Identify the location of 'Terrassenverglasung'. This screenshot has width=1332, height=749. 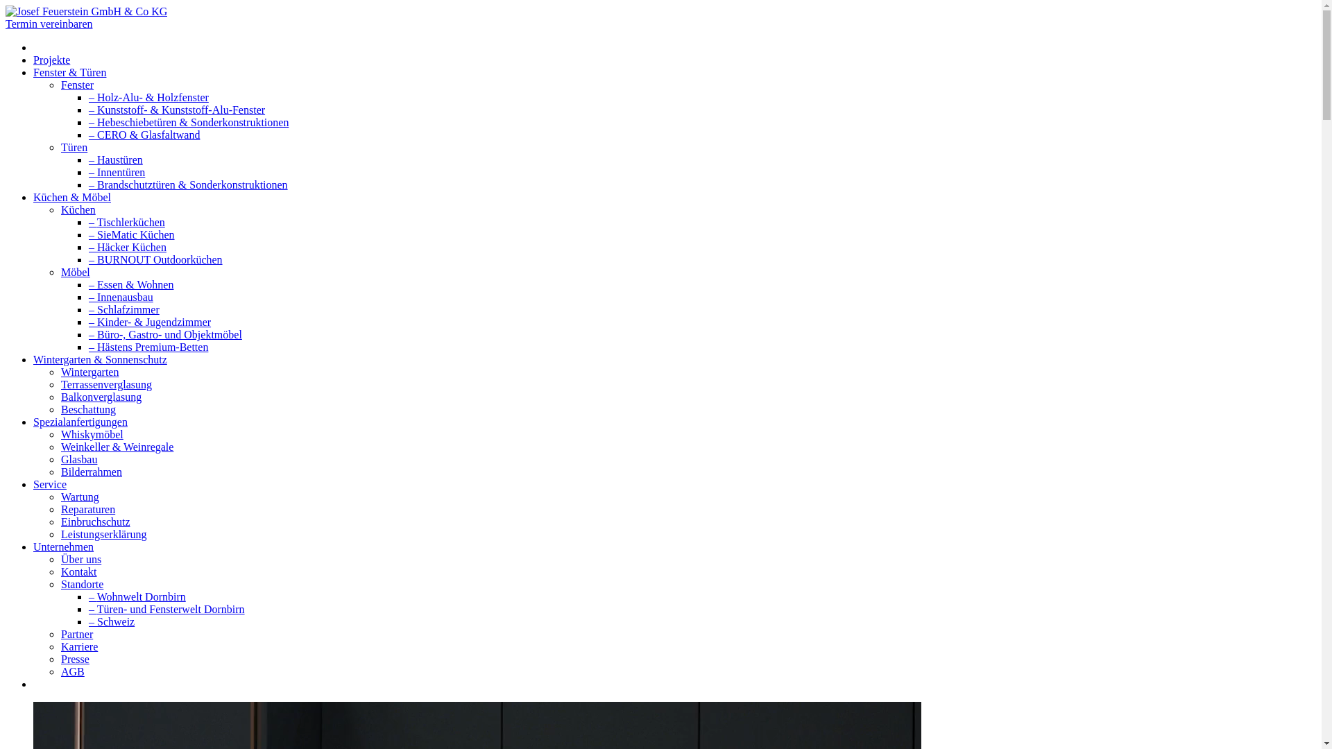
(105, 384).